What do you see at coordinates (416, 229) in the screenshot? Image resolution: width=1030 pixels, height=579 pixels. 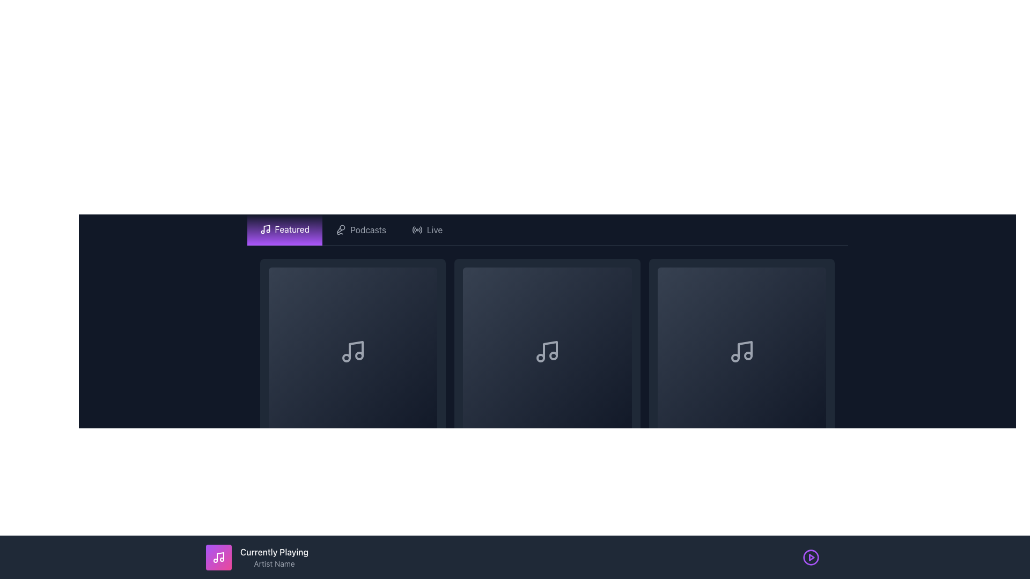 I see `the 'Live' icon, which serves as a visual marker for accessing live-streaming or real-time content, positioned to the left of the 'Live' text` at bounding box center [416, 229].